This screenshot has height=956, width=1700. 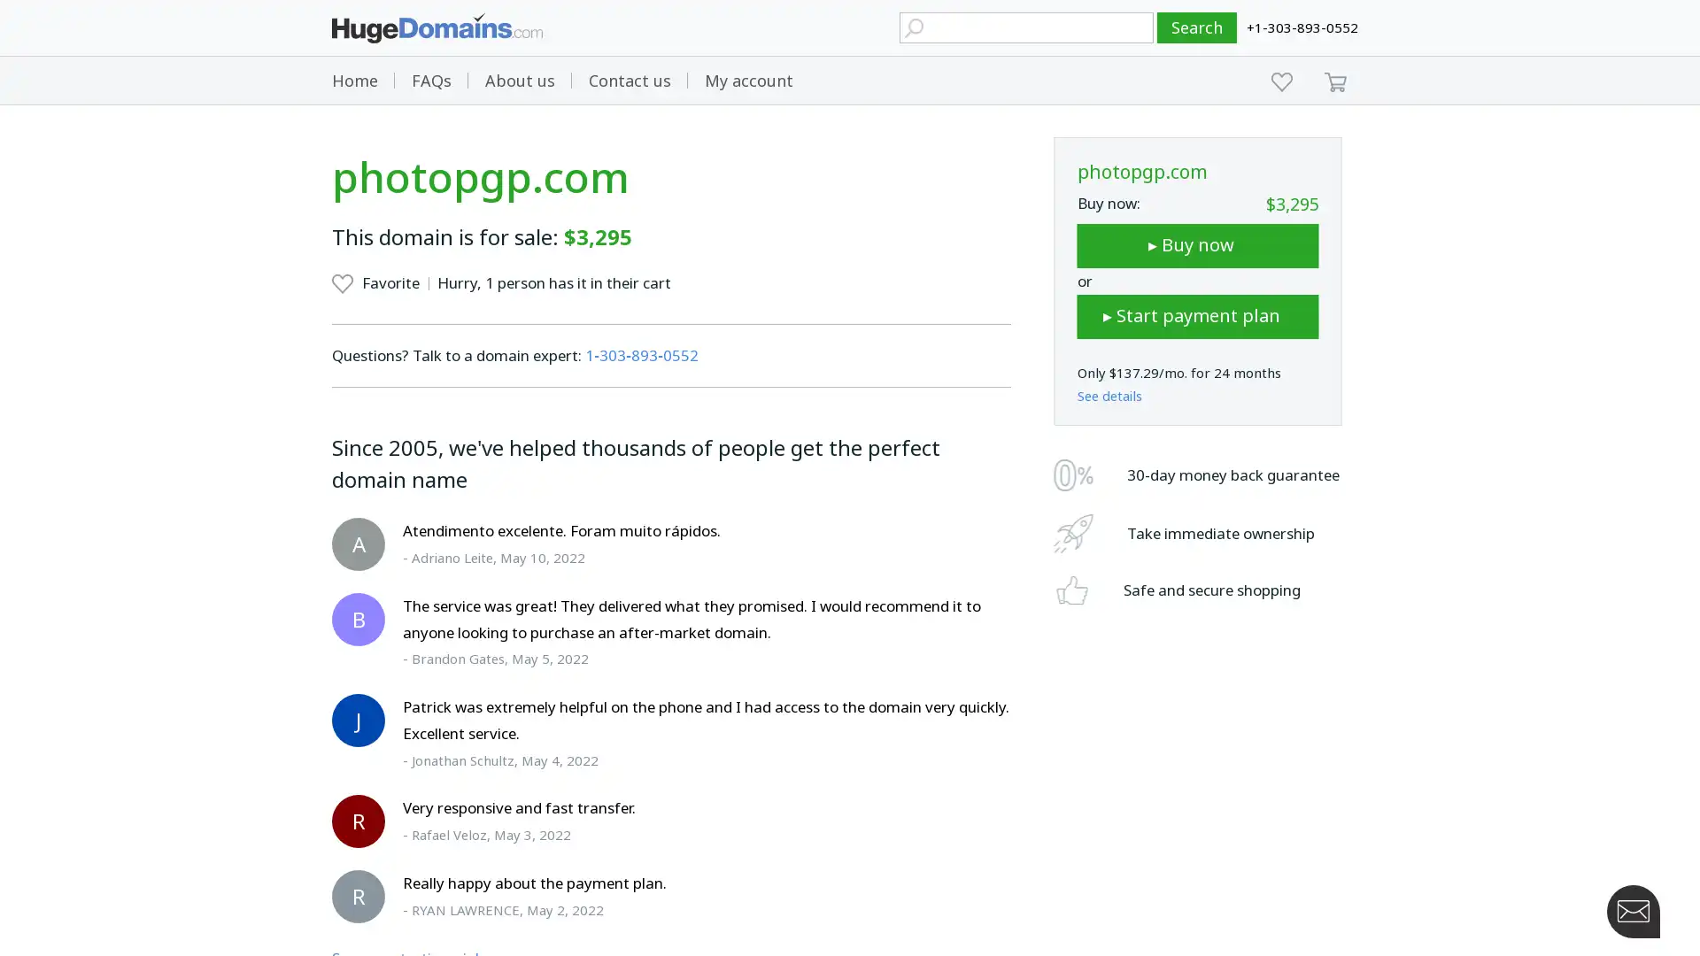 What do you see at coordinates (1197, 27) in the screenshot?
I see `Search` at bounding box center [1197, 27].